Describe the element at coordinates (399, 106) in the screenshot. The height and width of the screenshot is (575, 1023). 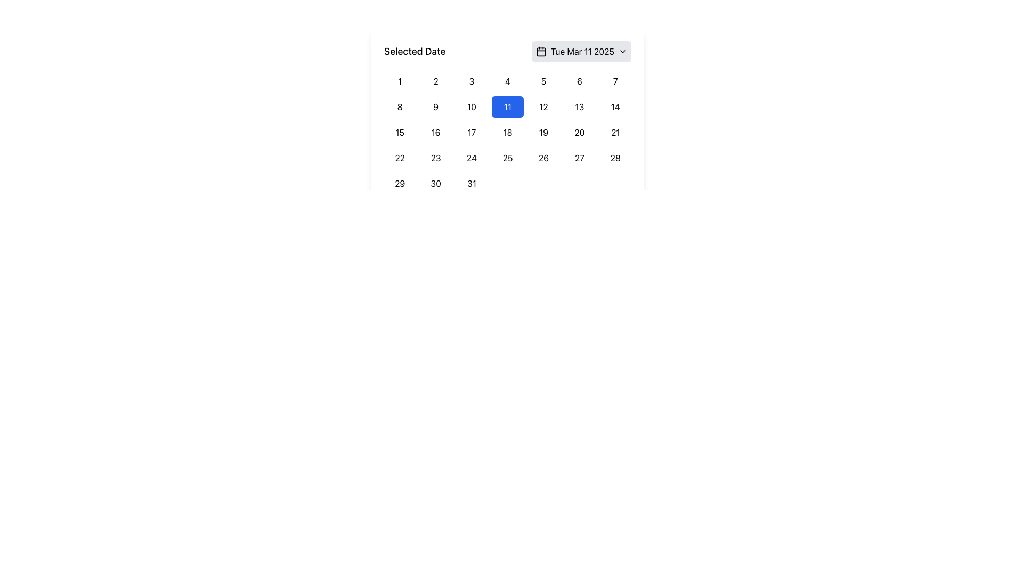
I see `the Day cell displaying the number '8' in the calendar interface, located in the second row and first column of the grid layout` at that location.